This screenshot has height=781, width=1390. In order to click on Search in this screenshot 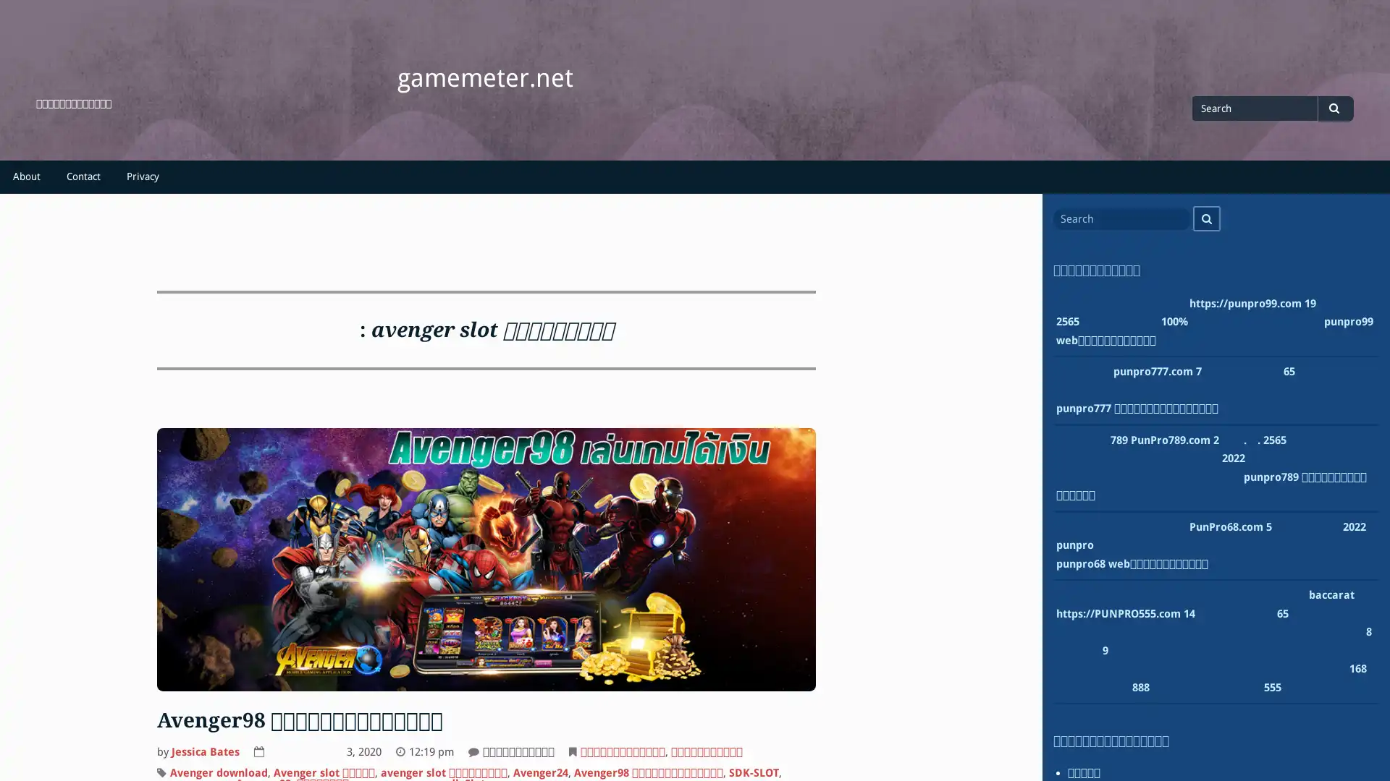, I will do `click(1335, 108)`.